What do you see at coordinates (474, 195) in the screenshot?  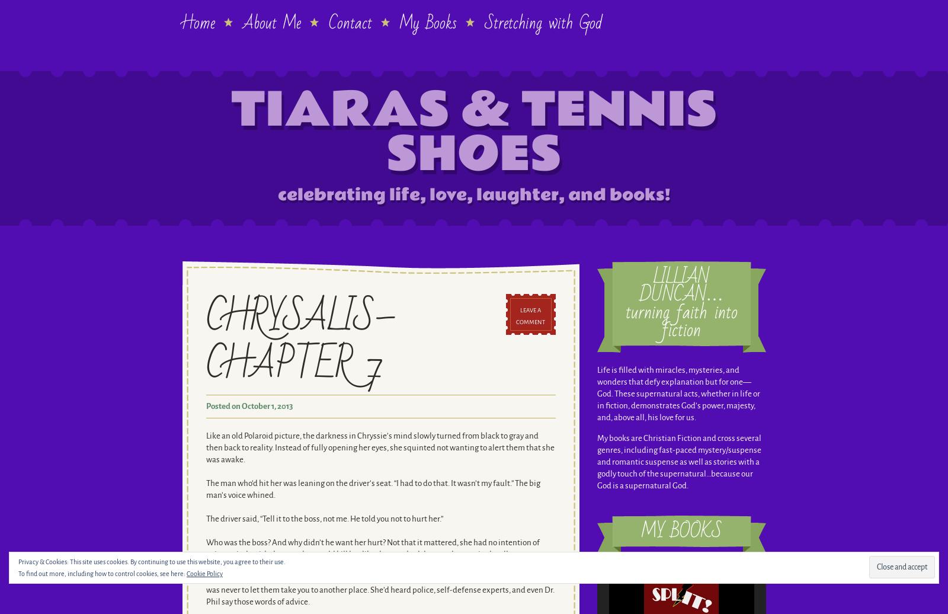 I see `'celebrating life, love, laughter, and books!'` at bounding box center [474, 195].